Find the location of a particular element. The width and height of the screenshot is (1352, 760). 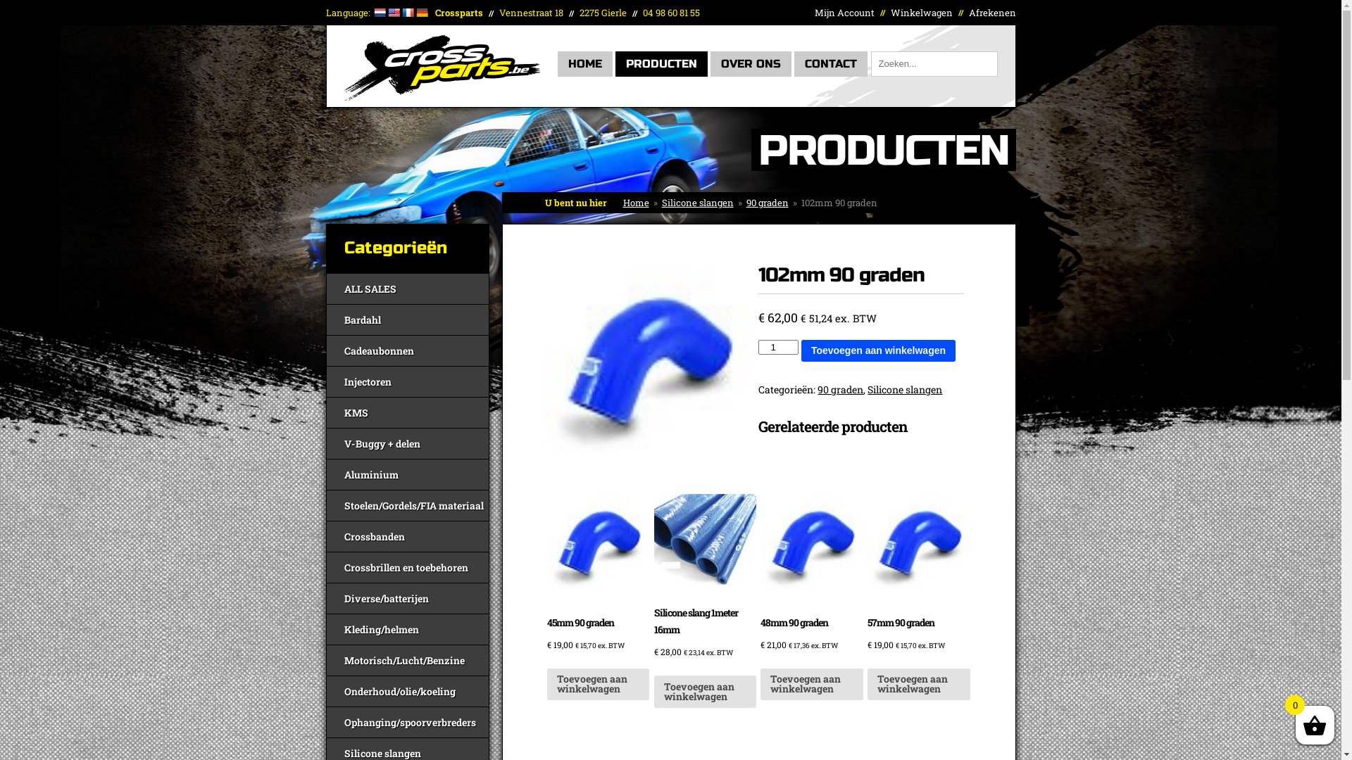

'PRODUCTEN' is located at coordinates (661, 64).